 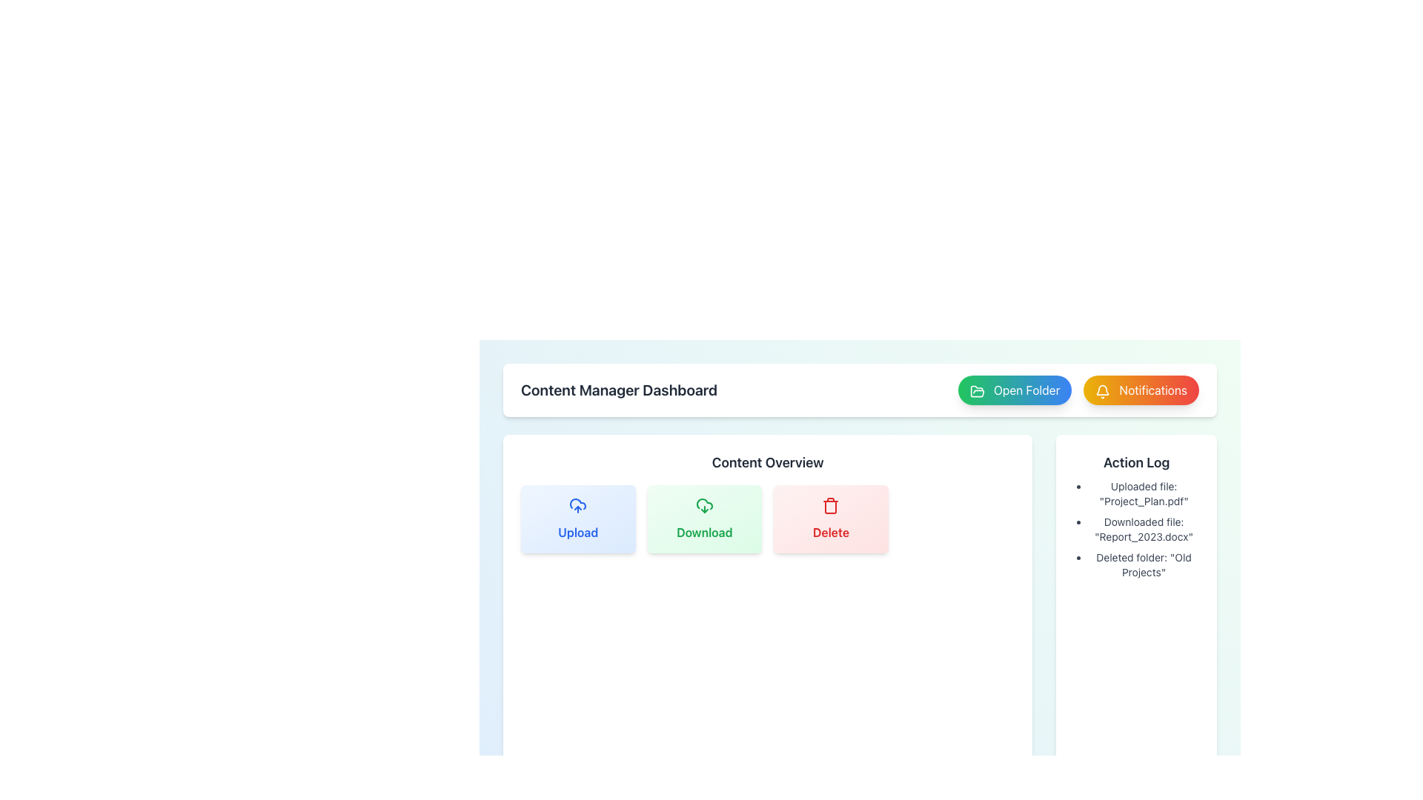 I want to click on the download button located in the middle column under the 'Content Overview' heading to interact with its visual effects, so click(x=703, y=519).